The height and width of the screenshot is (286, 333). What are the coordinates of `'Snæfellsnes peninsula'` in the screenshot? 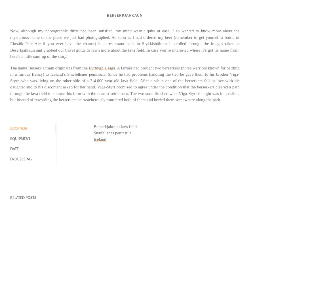 It's located at (112, 132).